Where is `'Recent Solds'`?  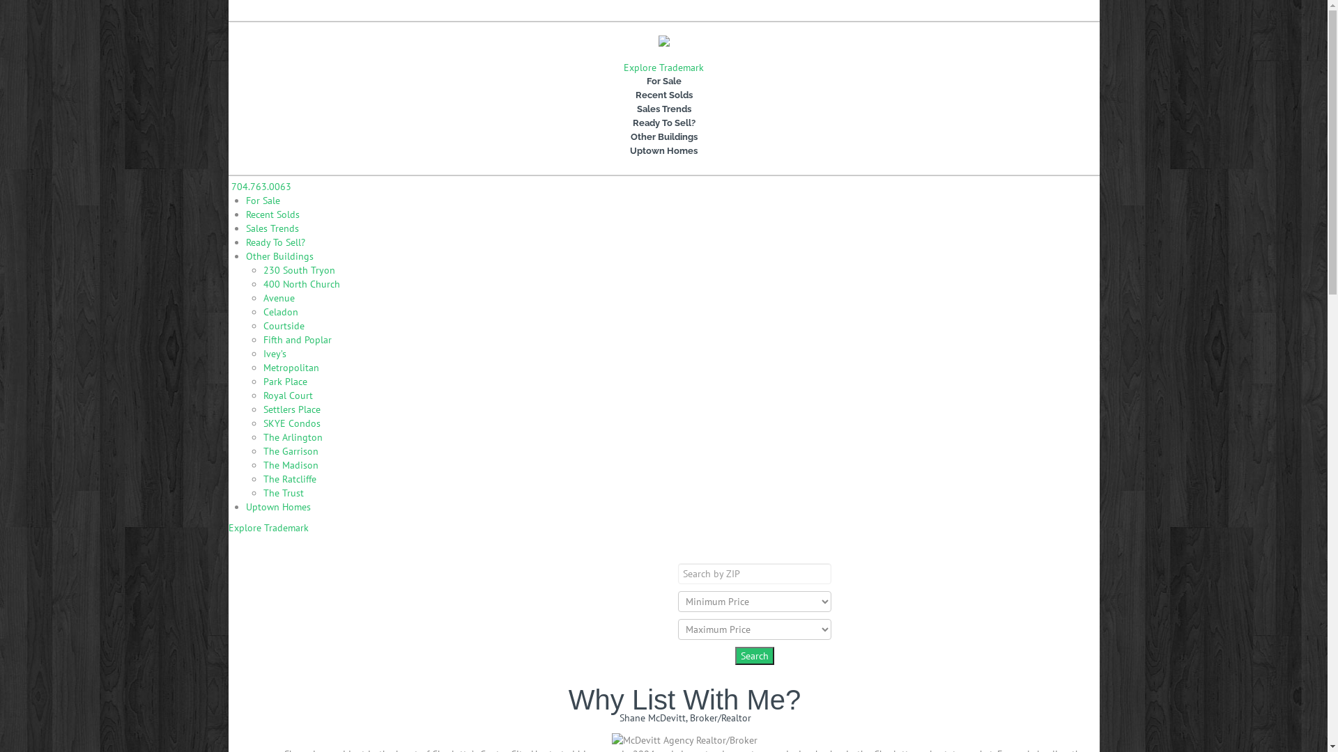
'Recent Solds' is located at coordinates (272, 214).